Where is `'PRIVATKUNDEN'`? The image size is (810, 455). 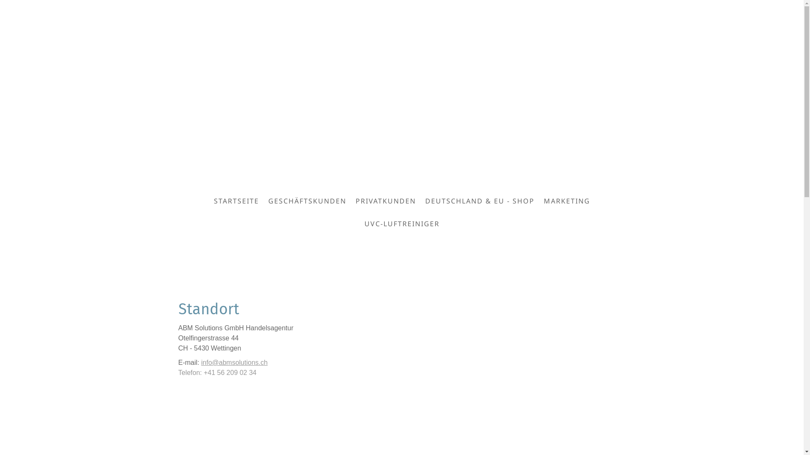 'PRIVATKUNDEN' is located at coordinates (385, 201).